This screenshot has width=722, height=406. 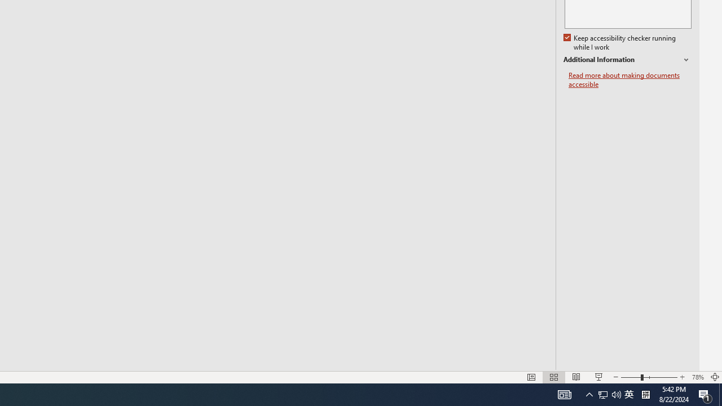 What do you see at coordinates (627, 60) in the screenshot?
I see `'Additional Information'` at bounding box center [627, 60].